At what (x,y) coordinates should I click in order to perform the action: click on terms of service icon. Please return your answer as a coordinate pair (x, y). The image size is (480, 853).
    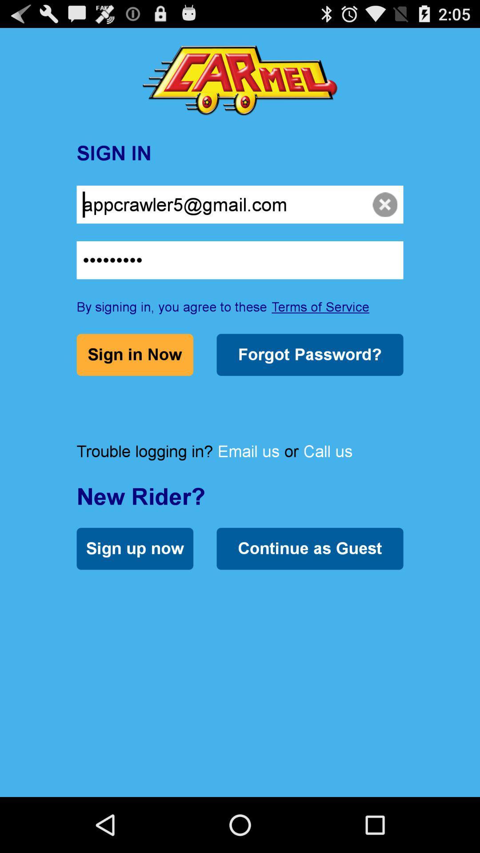
    Looking at the image, I should click on (320, 307).